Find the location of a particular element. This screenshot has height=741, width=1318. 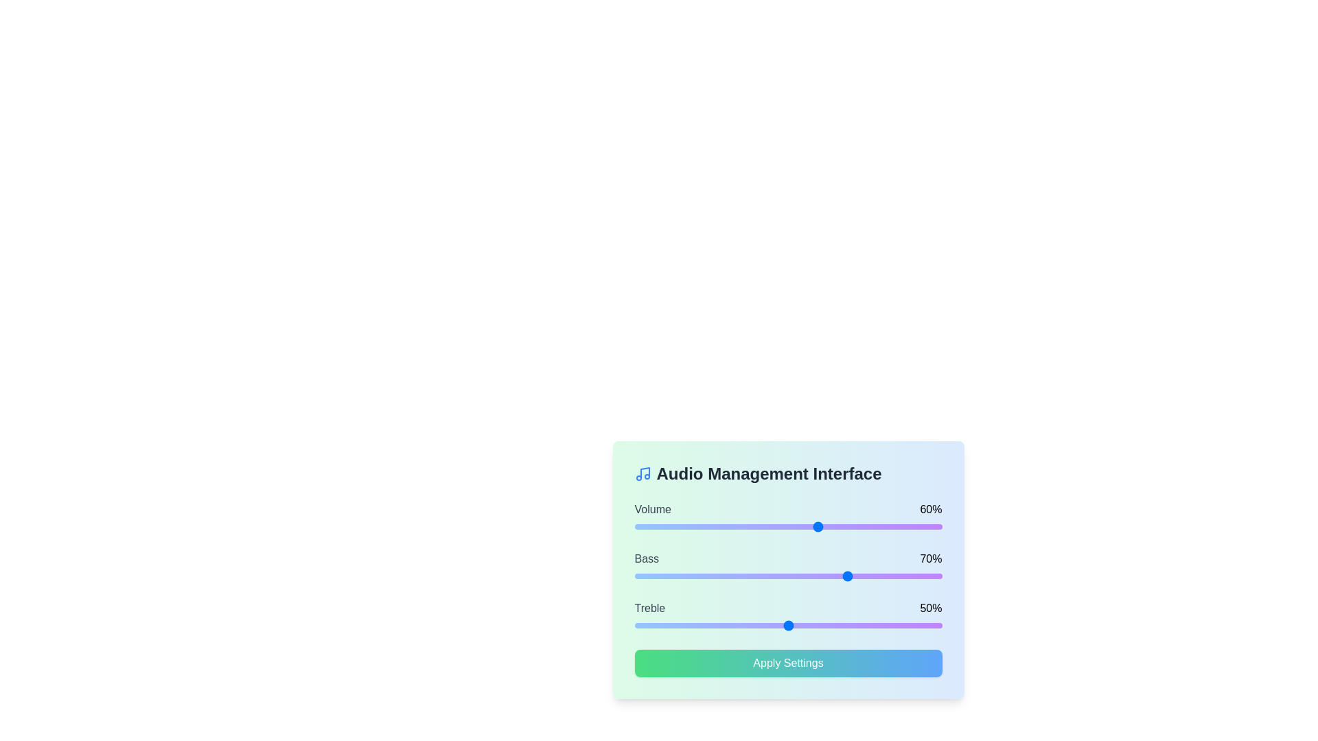

the 'Treble' label which indicates the functionality of the related control settings is located at coordinates (649, 608).